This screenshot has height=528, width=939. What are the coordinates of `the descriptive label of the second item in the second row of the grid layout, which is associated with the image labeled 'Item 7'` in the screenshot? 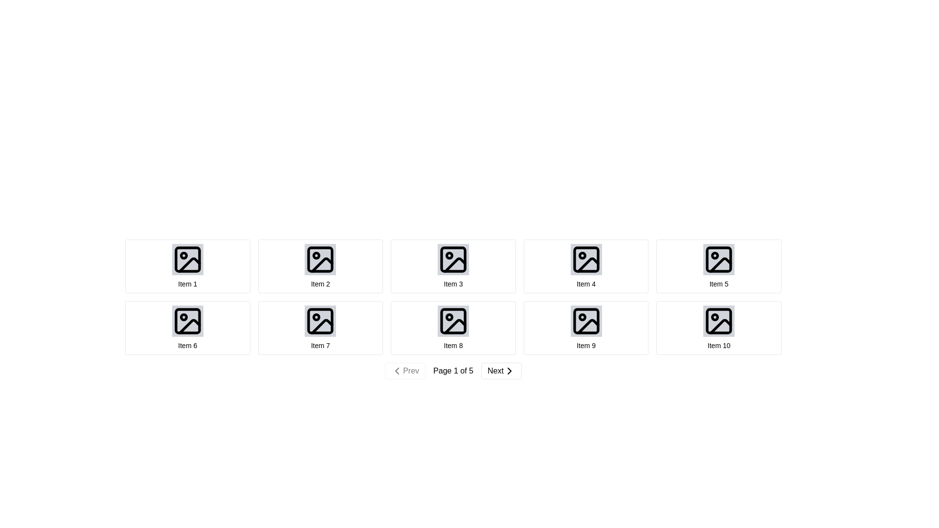 It's located at (320, 345).